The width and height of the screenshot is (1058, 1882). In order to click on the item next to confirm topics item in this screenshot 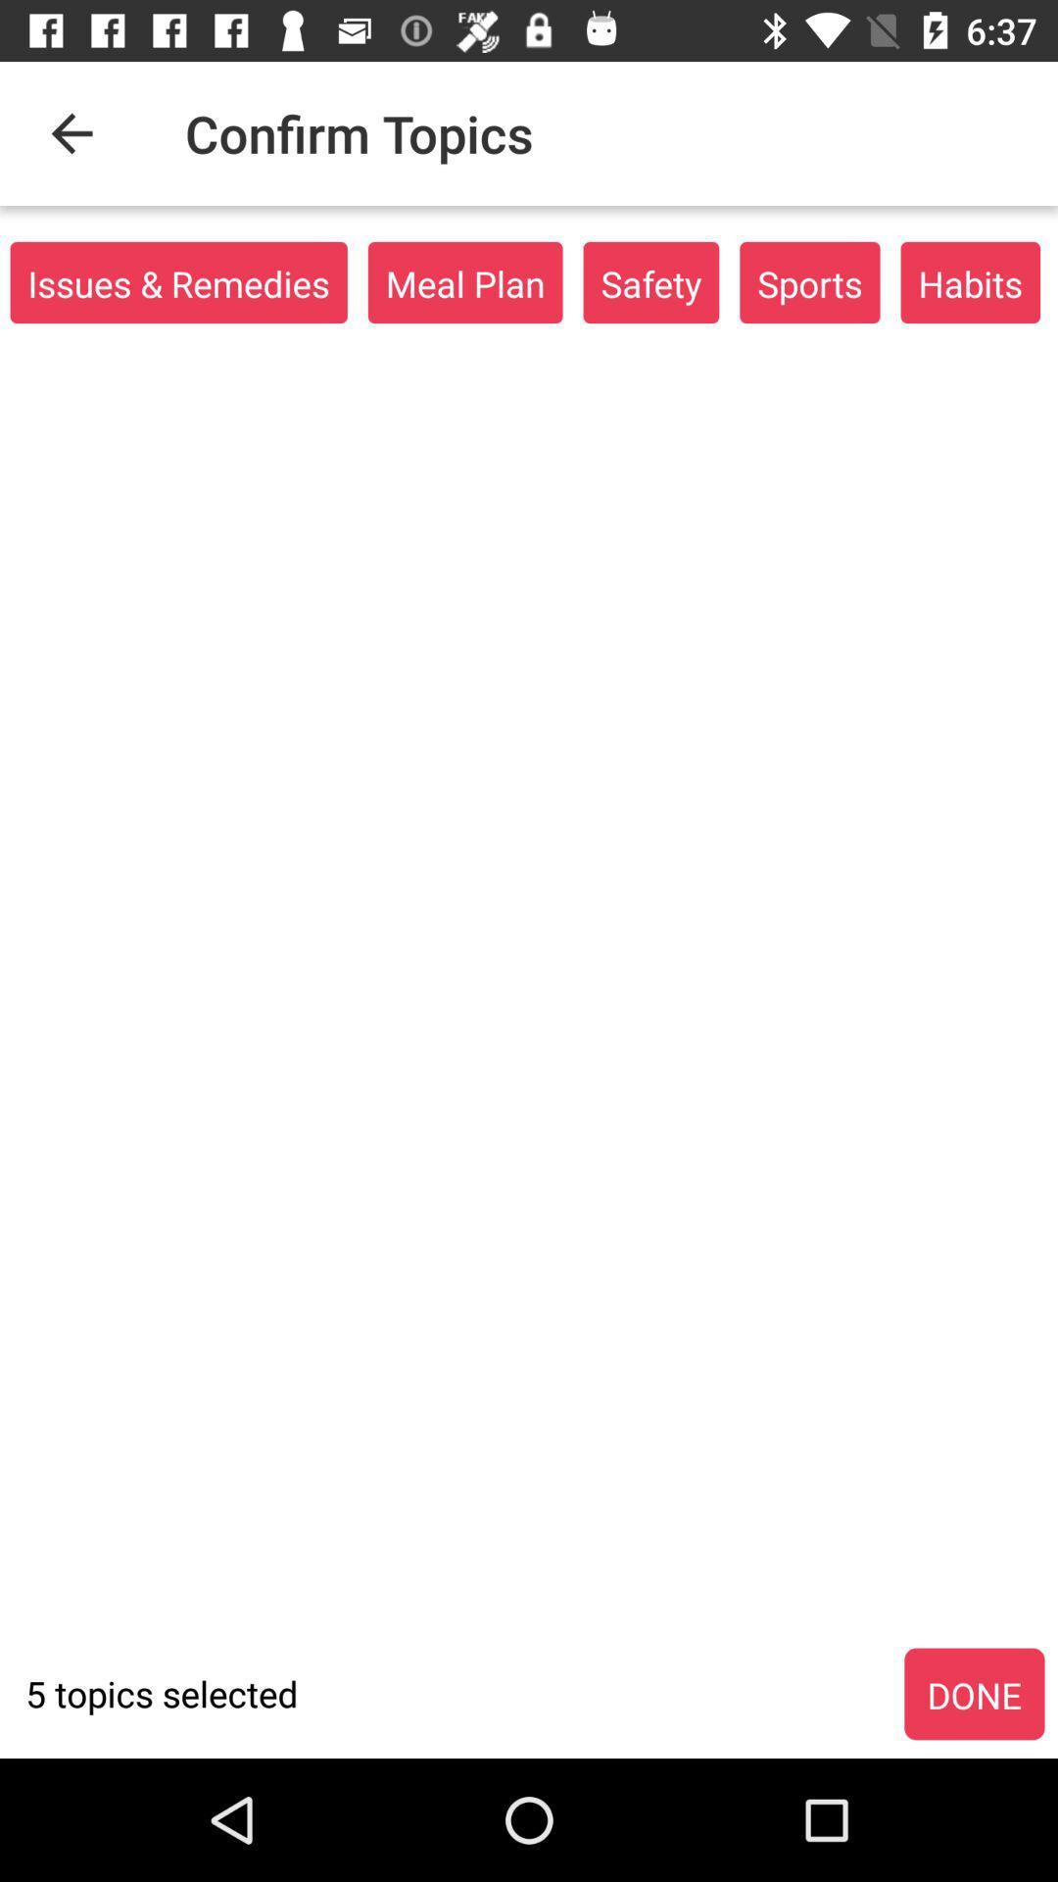, I will do `click(71, 132)`.